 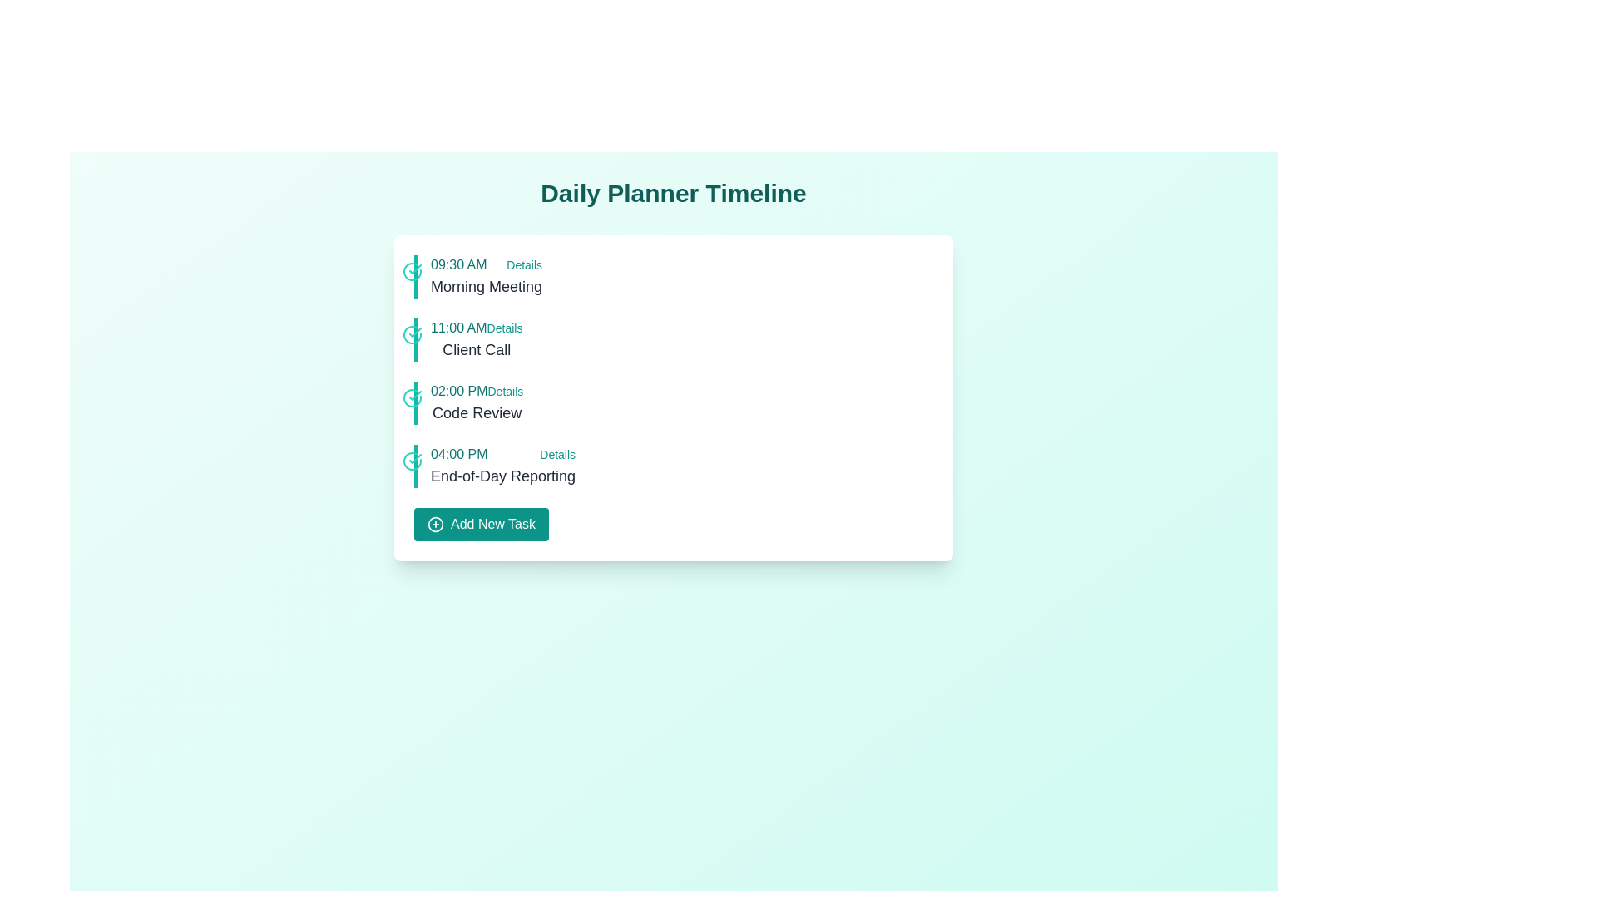 I want to click on time and title of the timeline event displaying '02:00 PM Details Code Review' which is the third item in the Daily Planner Timeline, so click(x=476, y=403).